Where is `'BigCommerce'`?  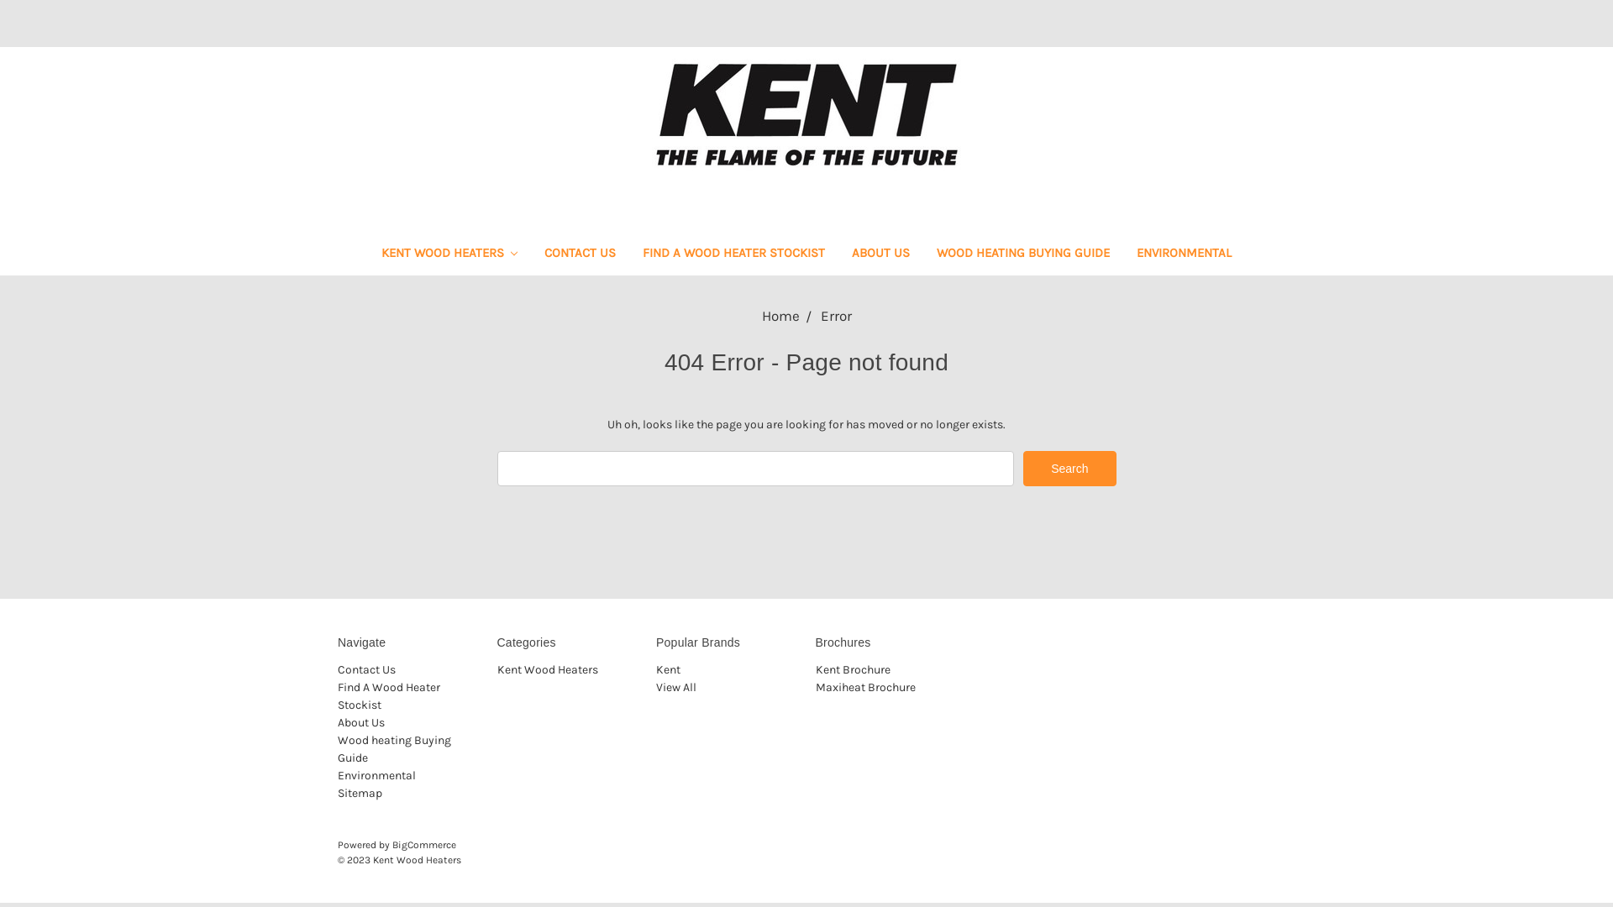 'BigCommerce' is located at coordinates (423, 845).